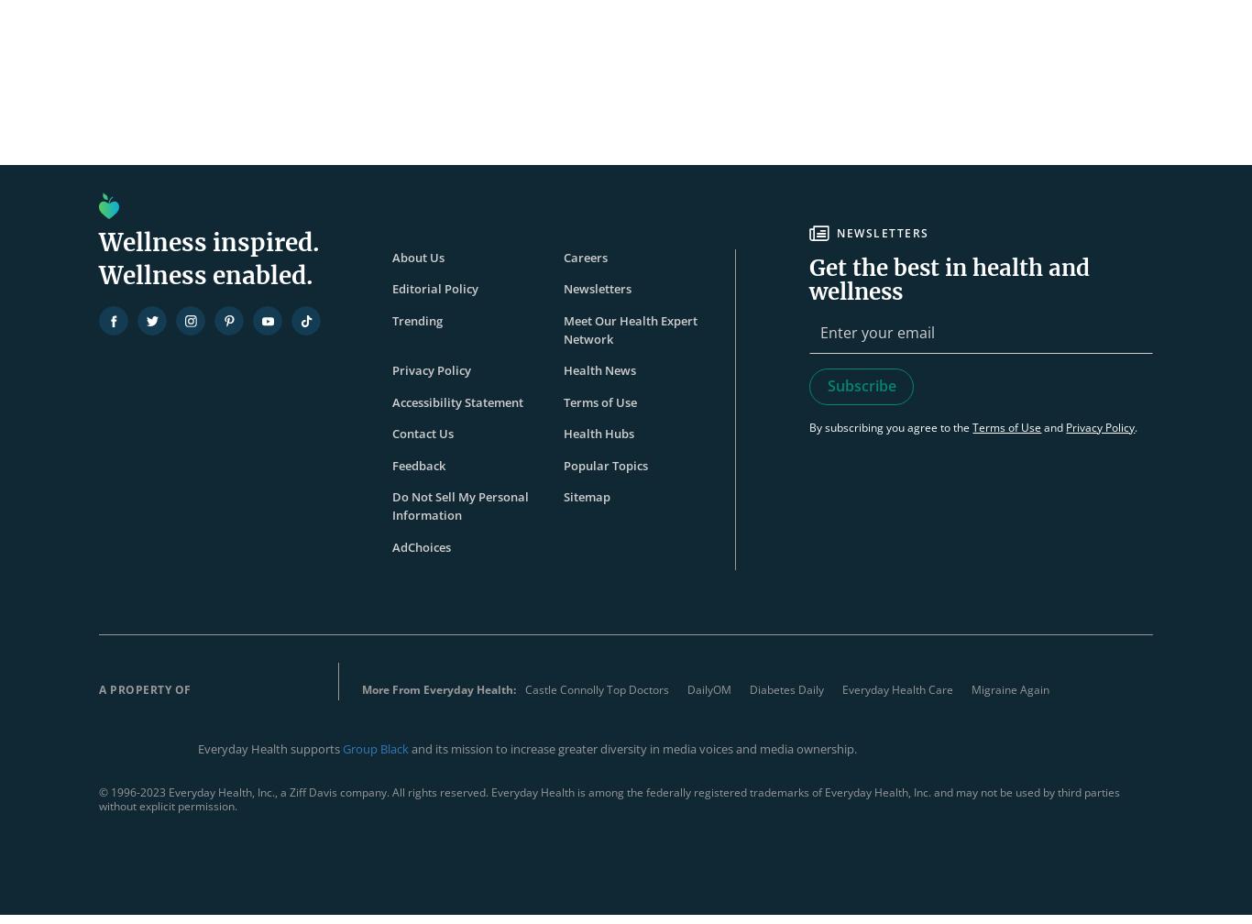 This screenshot has width=1252, height=924. I want to click on 'and its mission to increase greater diversity in media voices and media ownership.', so click(634, 748).